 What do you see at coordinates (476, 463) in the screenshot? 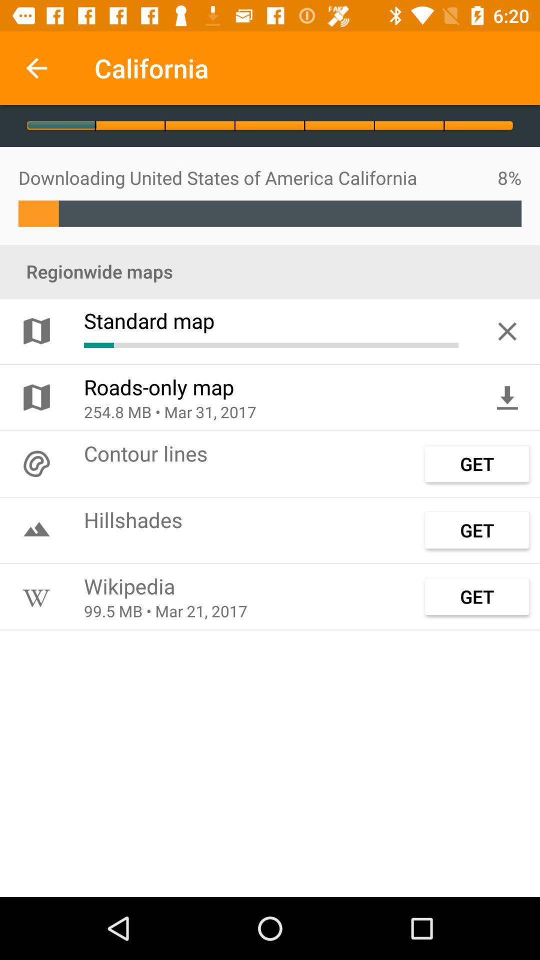
I see `get which is below the downloads symbol` at bounding box center [476, 463].